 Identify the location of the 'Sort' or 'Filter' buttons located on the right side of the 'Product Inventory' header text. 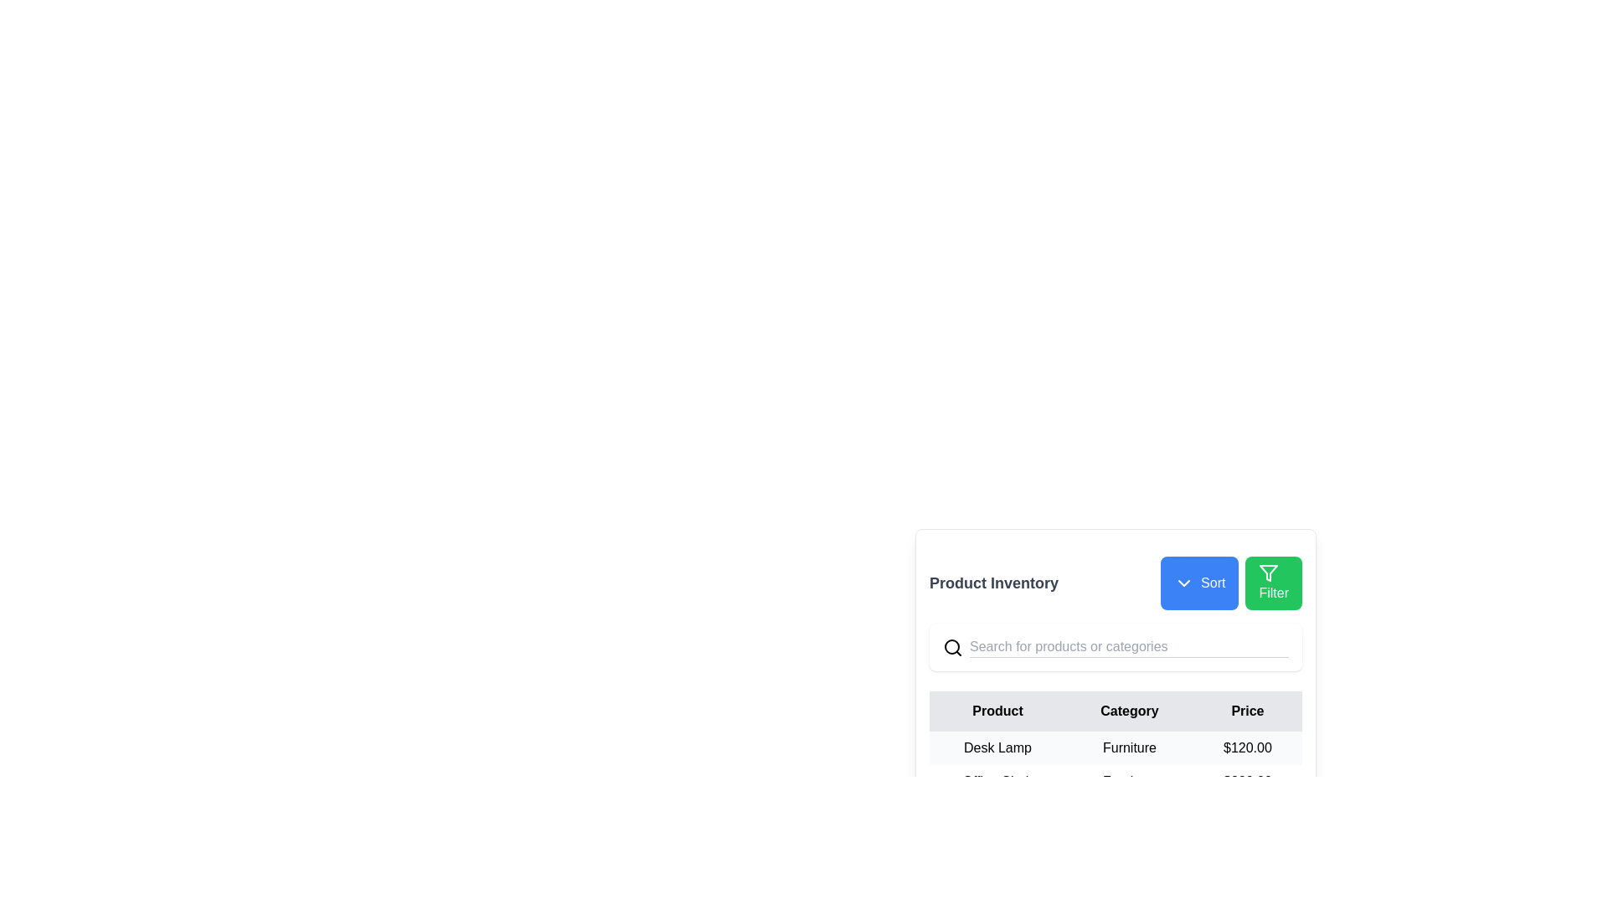
(1231, 583).